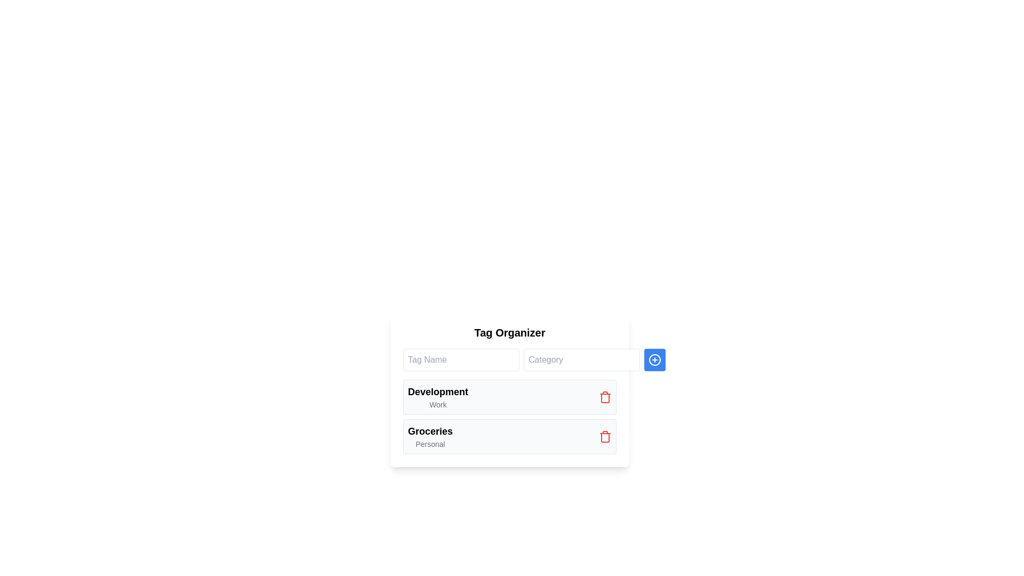 This screenshot has width=1024, height=576. I want to click on the 'Groceries' text label in the Tag Organizer section, which is styled with bold text for 'Groceries' and smaller gray text for 'Personal', located under the Development item, so click(430, 436).